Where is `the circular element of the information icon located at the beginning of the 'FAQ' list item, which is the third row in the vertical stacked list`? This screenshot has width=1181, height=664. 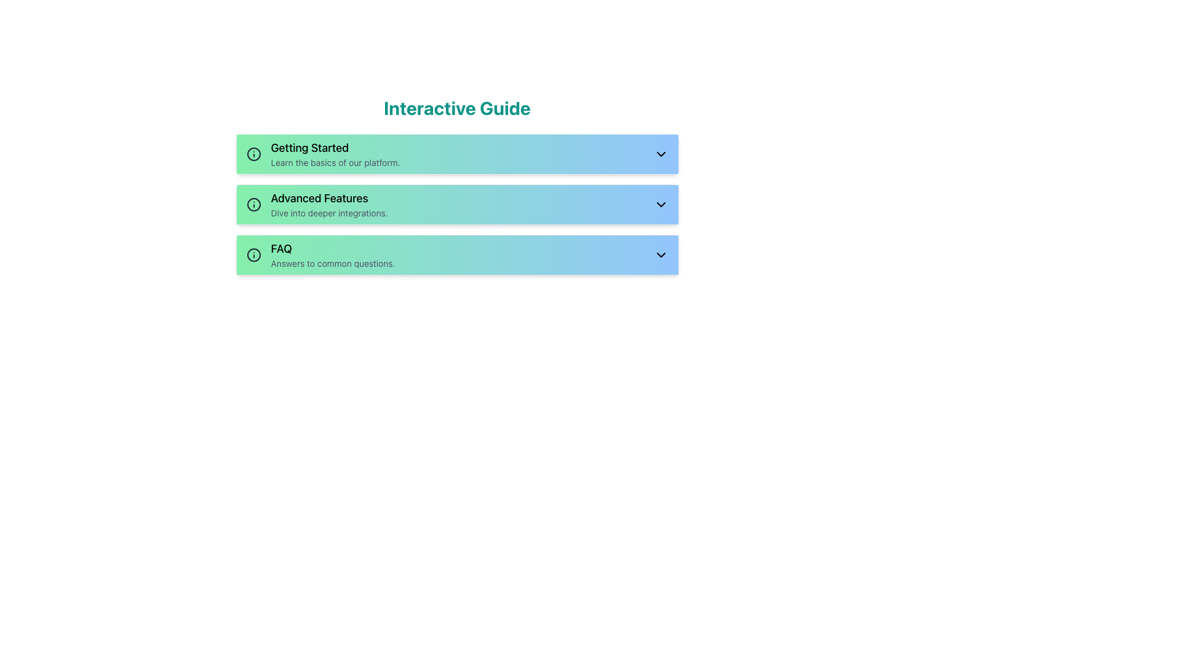 the circular element of the information icon located at the beginning of the 'FAQ' list item, which is the third row in the vertical stacked list is located at coordinates (253, 255).